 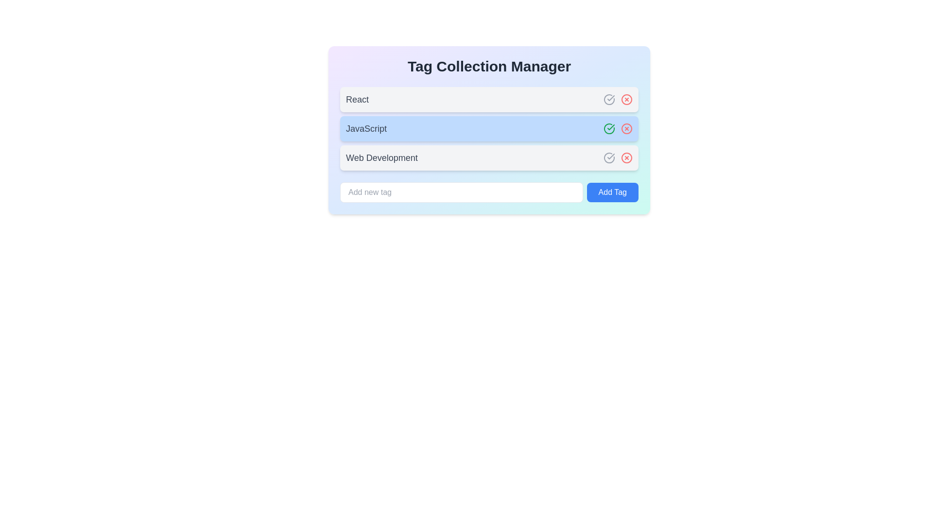 What do you see at coordinates (627, 99) in the screenshot?
I see `the button that removes or deletes the 'React' tag in the 'Tag Collection Manager' panel` at bounding box center [627, 99].